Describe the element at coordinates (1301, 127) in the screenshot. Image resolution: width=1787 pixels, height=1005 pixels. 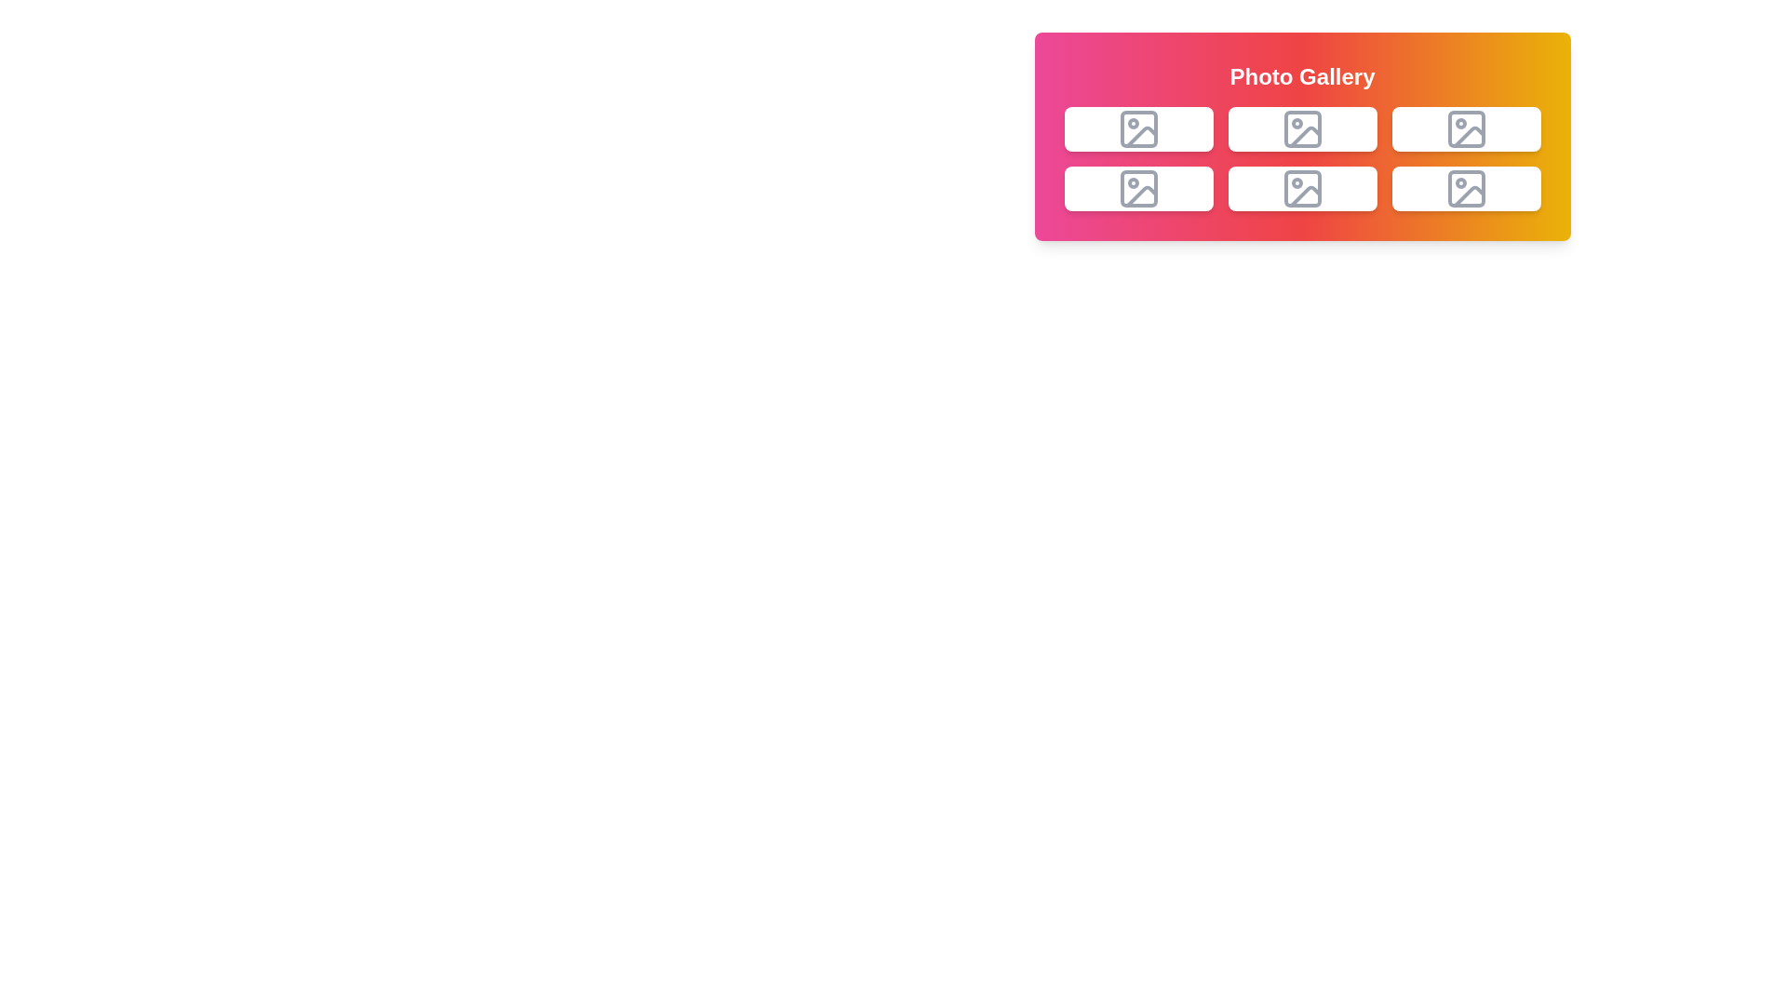
I see `the Image Placeholder Icon located in the first row, second column of the grid layout below the 'Photo Gallery' heading` at that location.